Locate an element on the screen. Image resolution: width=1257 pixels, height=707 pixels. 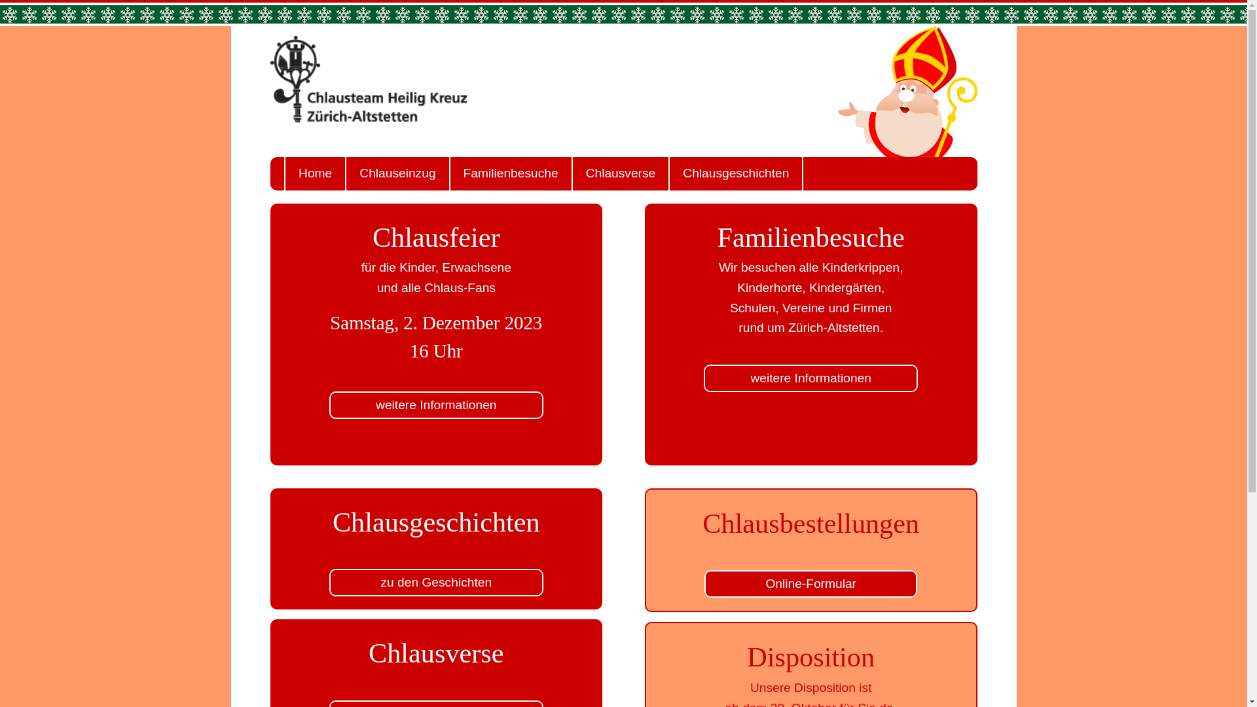
'weitere Informationen' is located at coordinates (436, 404).